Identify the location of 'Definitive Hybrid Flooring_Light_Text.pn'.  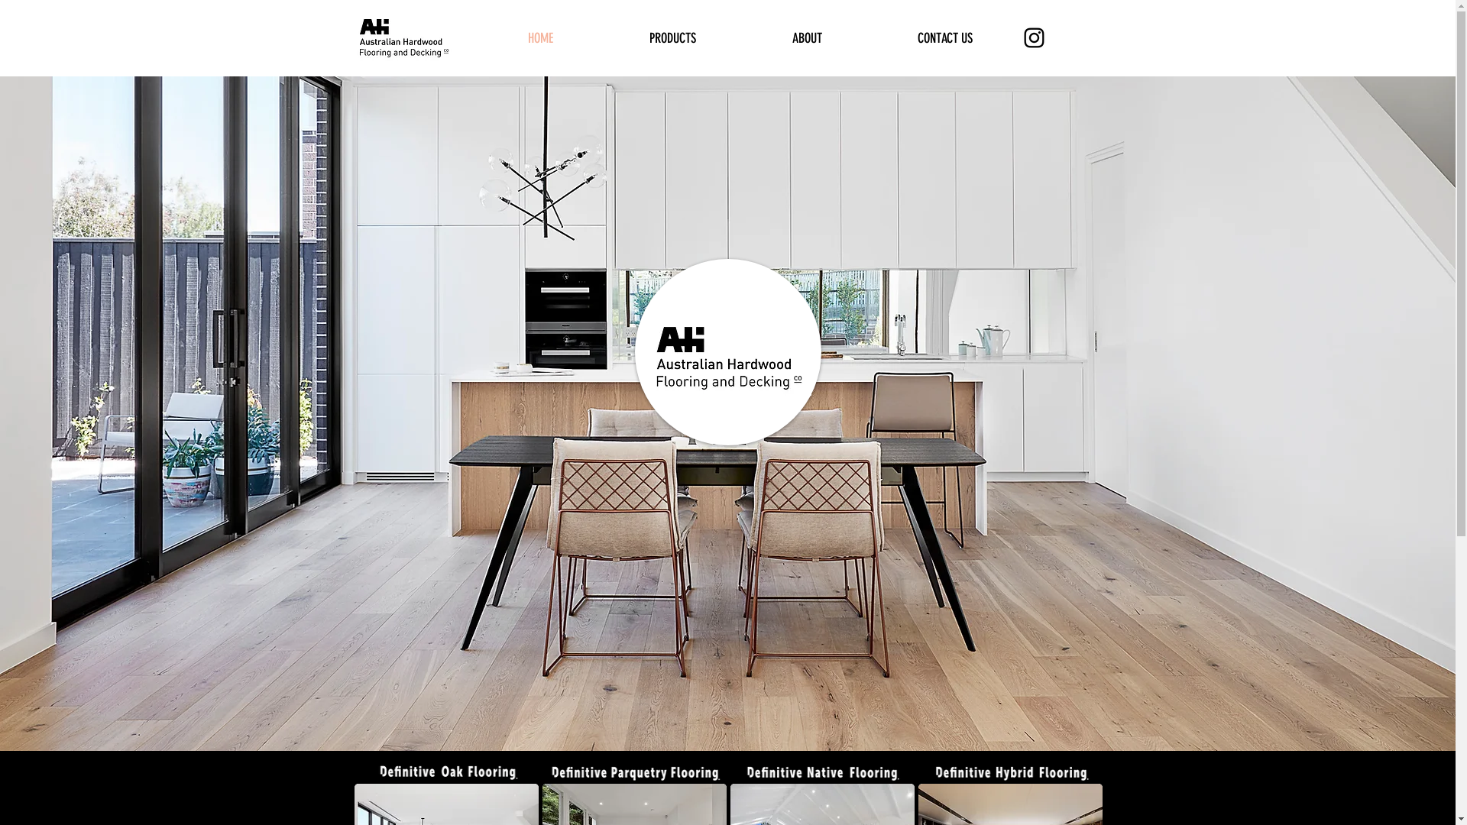
(1010, 772).